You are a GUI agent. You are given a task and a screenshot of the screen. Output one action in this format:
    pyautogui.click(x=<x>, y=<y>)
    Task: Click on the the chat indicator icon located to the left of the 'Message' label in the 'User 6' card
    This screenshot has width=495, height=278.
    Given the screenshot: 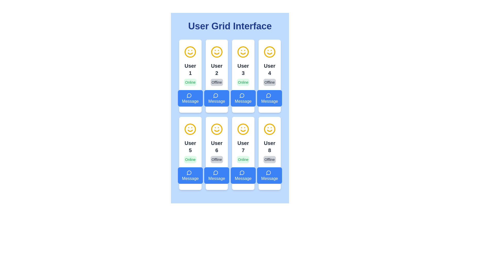 What is the action you would take?
    pyautogui.click(x=216, y=172)
    